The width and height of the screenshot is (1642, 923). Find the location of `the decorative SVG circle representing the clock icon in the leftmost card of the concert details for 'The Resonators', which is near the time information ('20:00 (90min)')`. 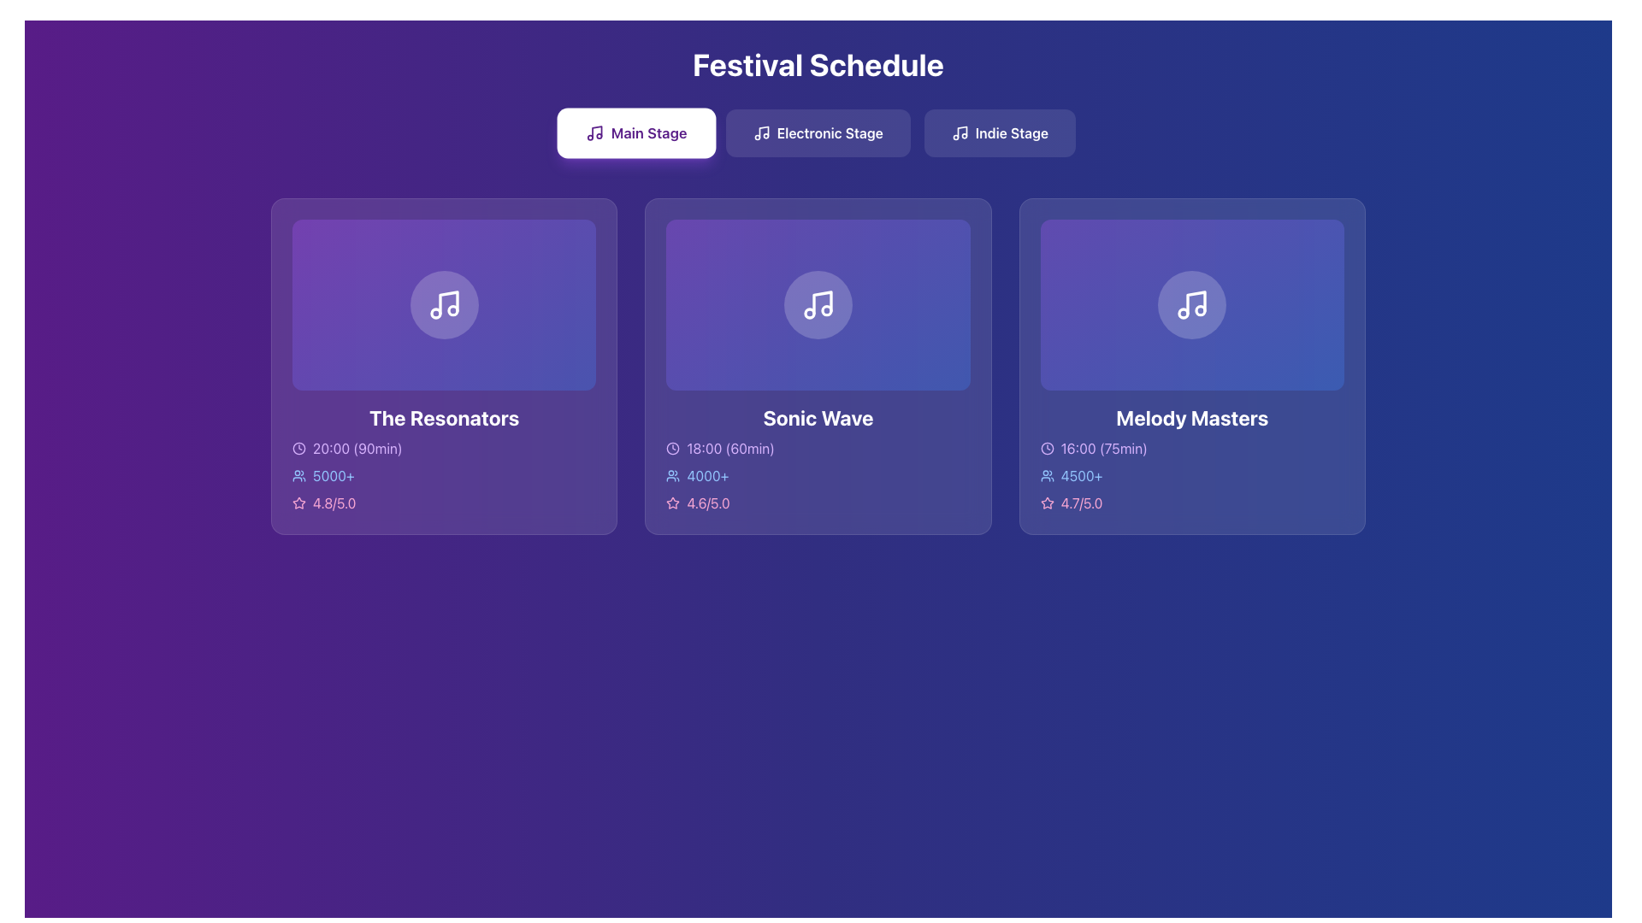

the decorative SVG circle representing the clock icon in the leftmost card of the concert details for 'The Resonators', which is near the time information ('20:00 (90min)') is located at coordinates (299, 447).